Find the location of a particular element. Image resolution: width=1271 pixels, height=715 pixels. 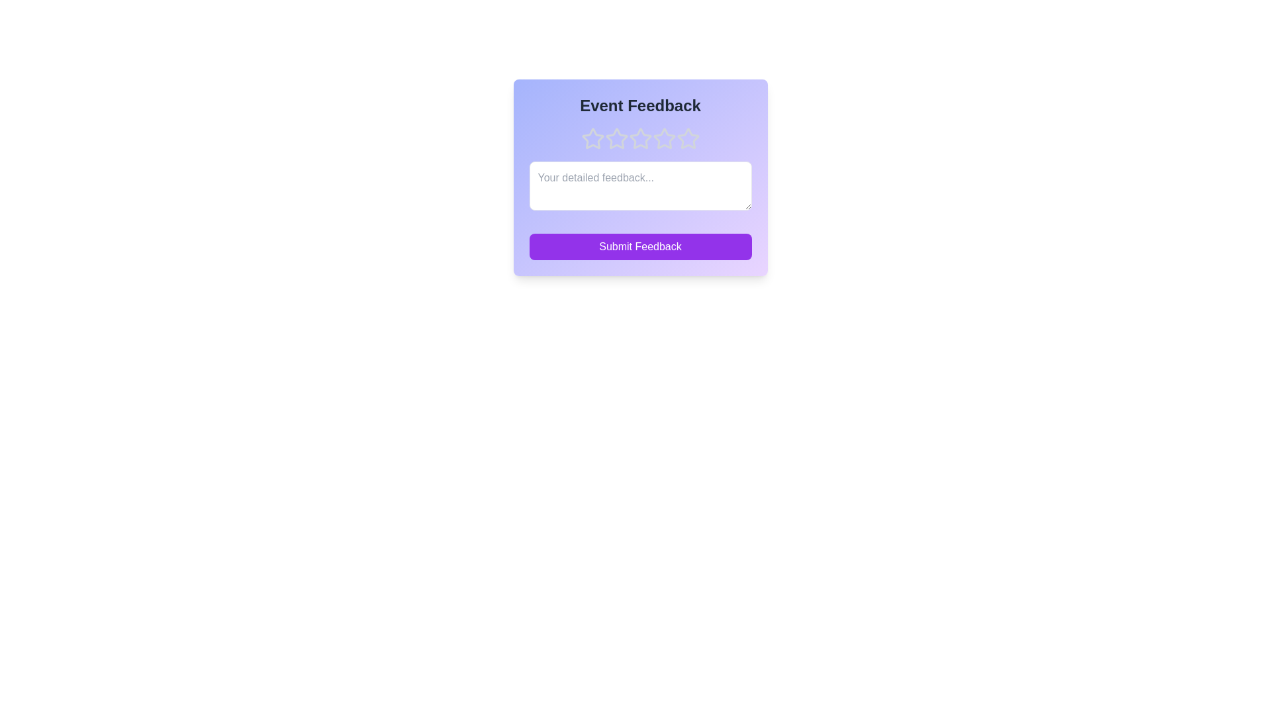

the rating to 2 stars by clicking on the corresponding star is located at coordinates (616, 138).